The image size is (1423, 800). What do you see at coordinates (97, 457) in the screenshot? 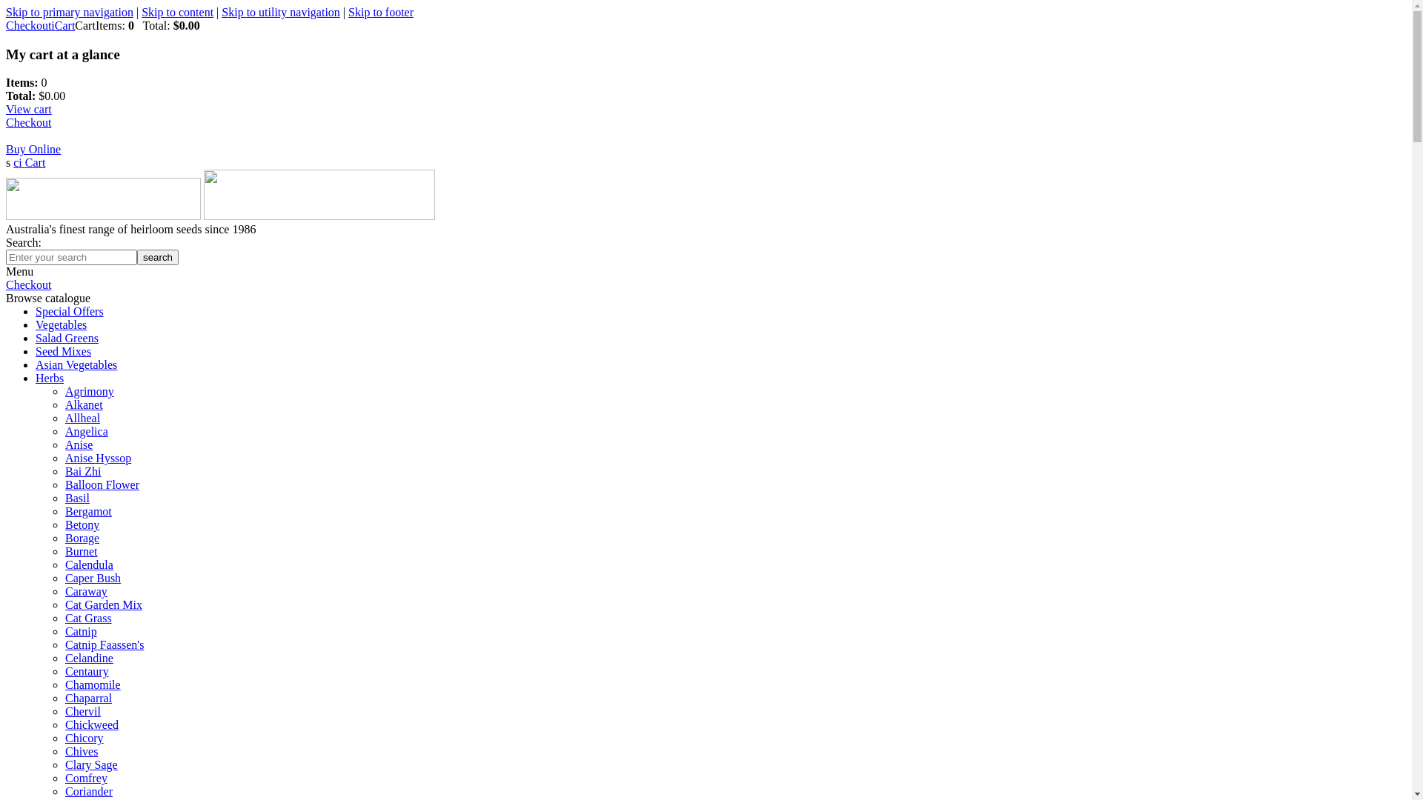
I see `'Anise Hyssop'` at bounding box center [97, 457].